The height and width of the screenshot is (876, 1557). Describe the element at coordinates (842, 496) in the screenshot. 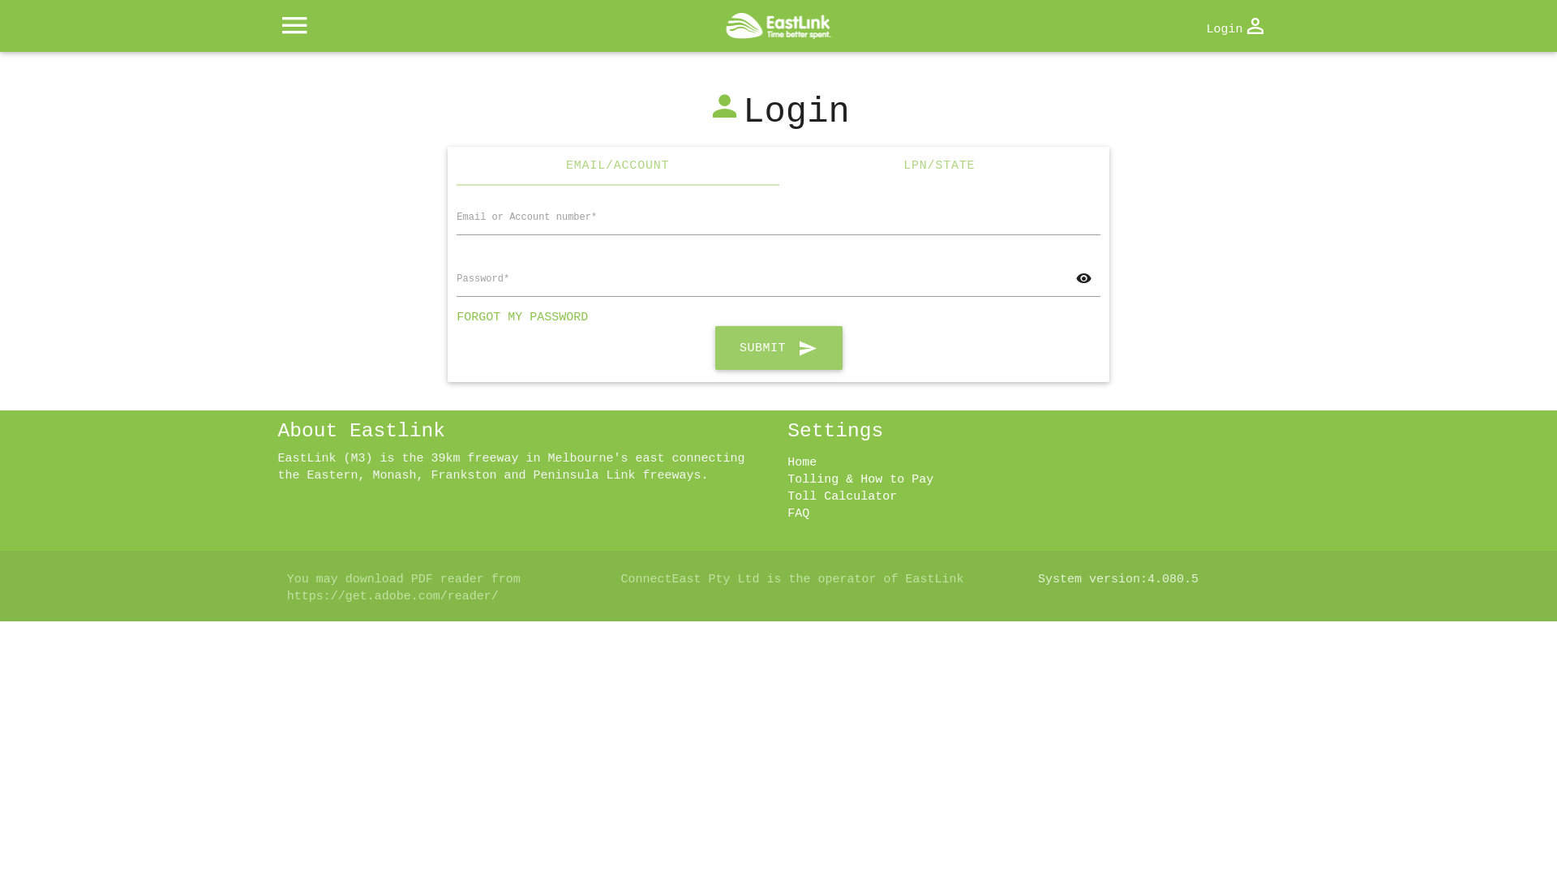

I see `'Toll Calculator'` at that location.